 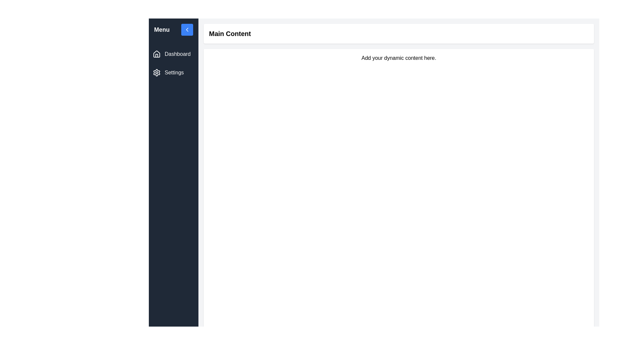 I want to click on the 'Dashboard' button located in the left-aligned navigation panel directly below the 'Menu' header, so click(x=173, y=54).